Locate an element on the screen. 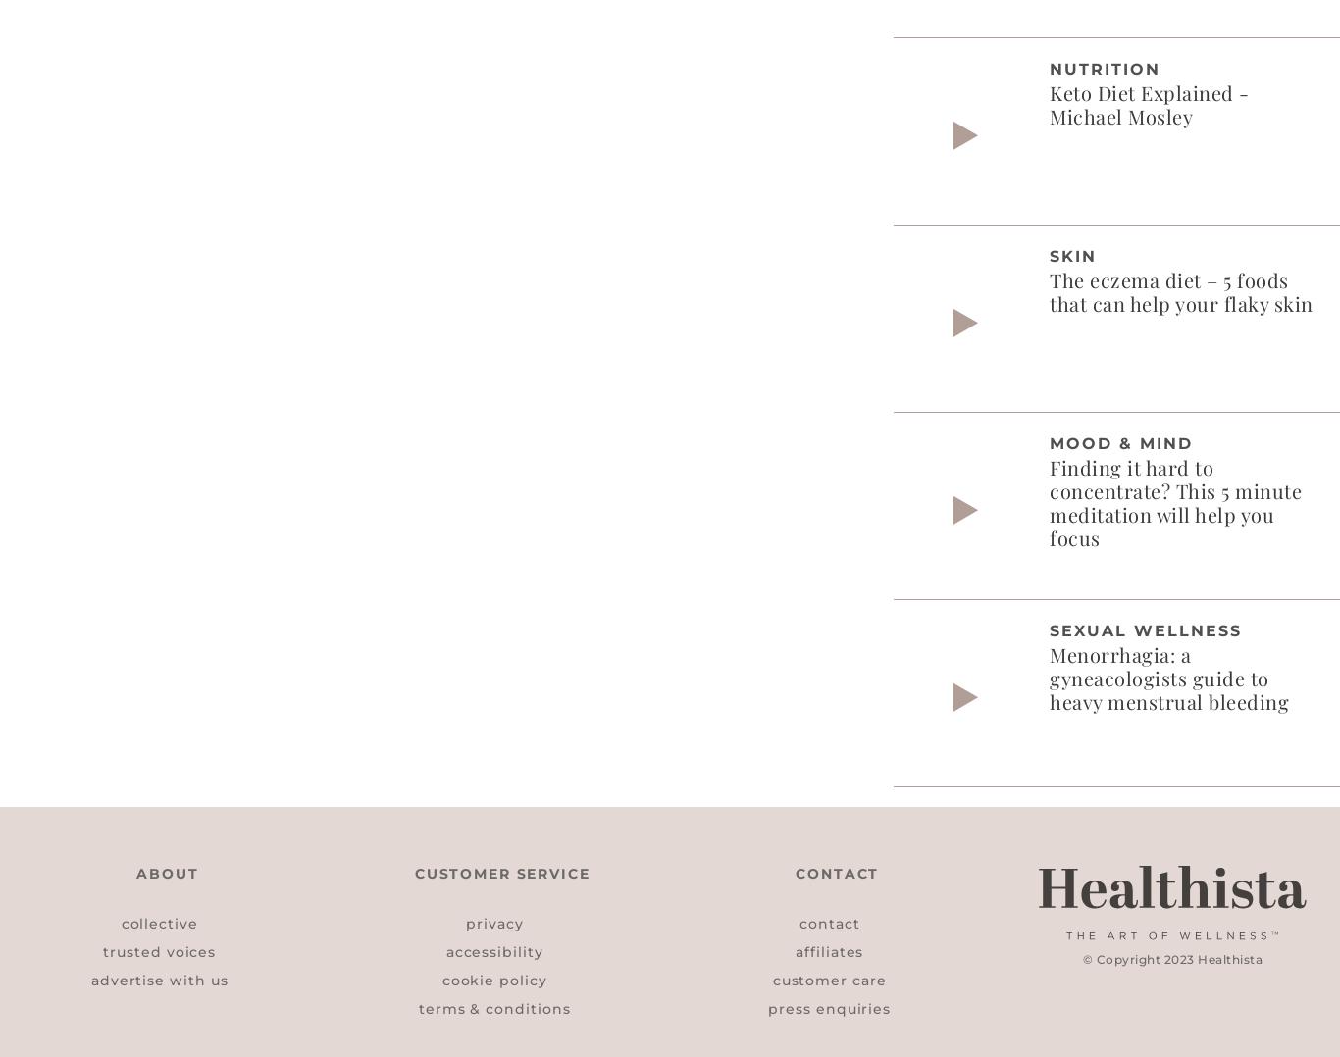 The image size is (1340, 1057). 'affiliates' is located at coordinates (828, 950).